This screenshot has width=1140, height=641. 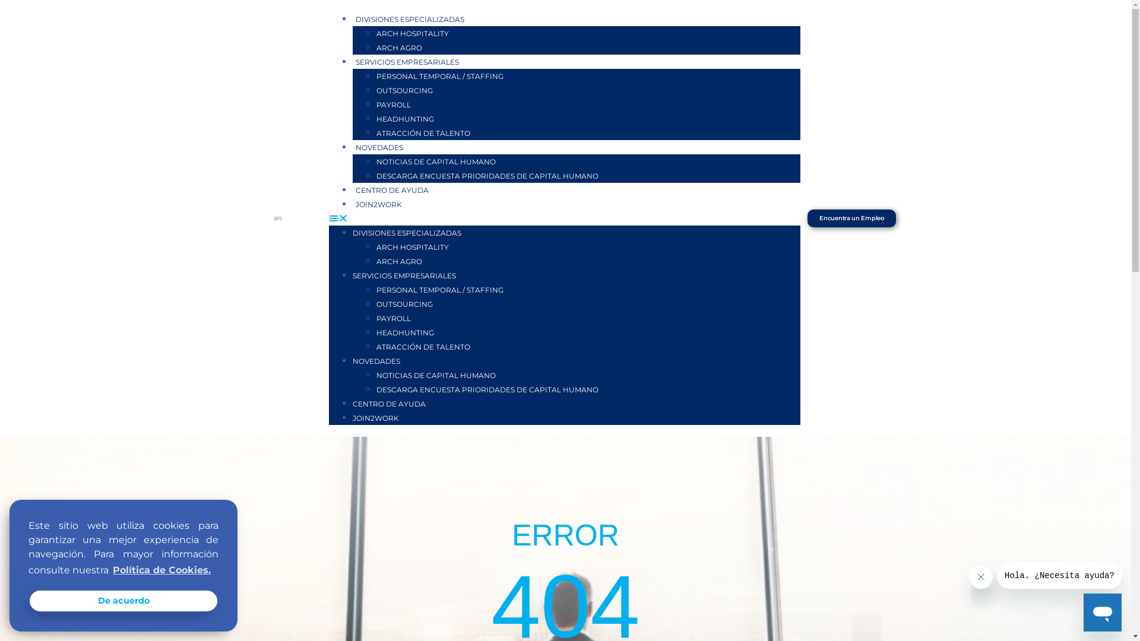 I want to click on 'SERVICIOS EMPRESARIALES', so click(x=404, y=275).